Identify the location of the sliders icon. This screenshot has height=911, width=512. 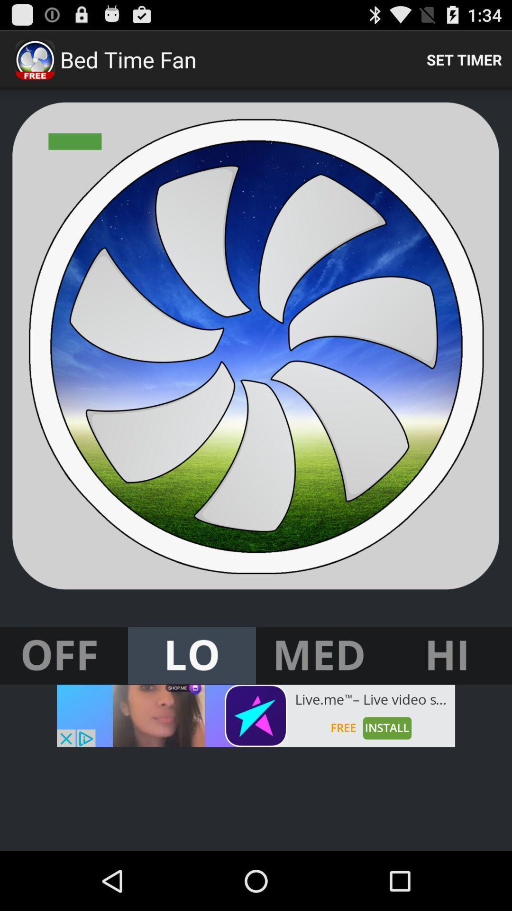
(64, 702).